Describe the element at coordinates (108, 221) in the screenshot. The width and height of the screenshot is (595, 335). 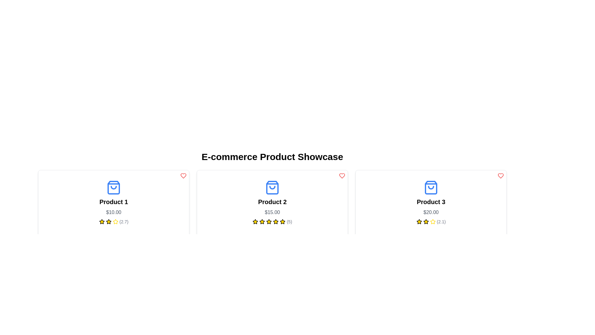
I see `the gold-colored star icon, which is the third star in a group of five stars beneath the Product 1 card in the leftmost product section of the showcase` at that location.